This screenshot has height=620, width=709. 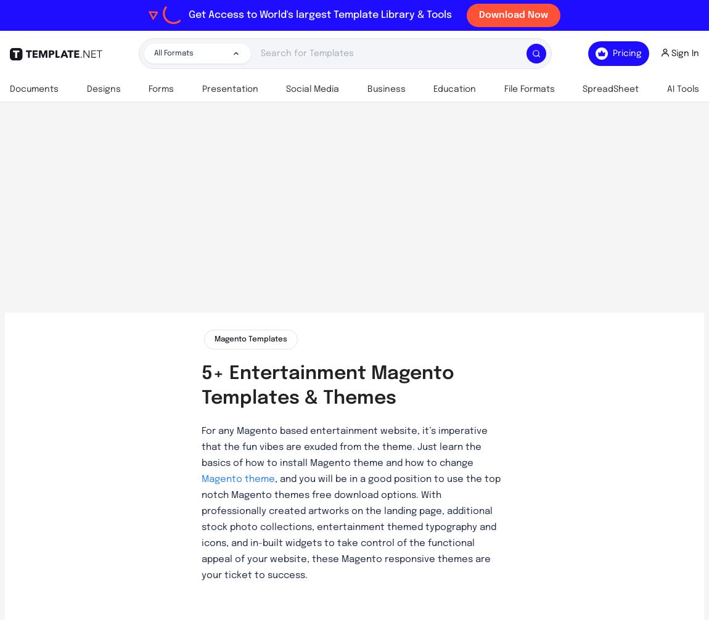 What do you see at coordinates (250, 339) in the screenshot?
I see `'Magento Templates'` at bounding box center [250, 339].